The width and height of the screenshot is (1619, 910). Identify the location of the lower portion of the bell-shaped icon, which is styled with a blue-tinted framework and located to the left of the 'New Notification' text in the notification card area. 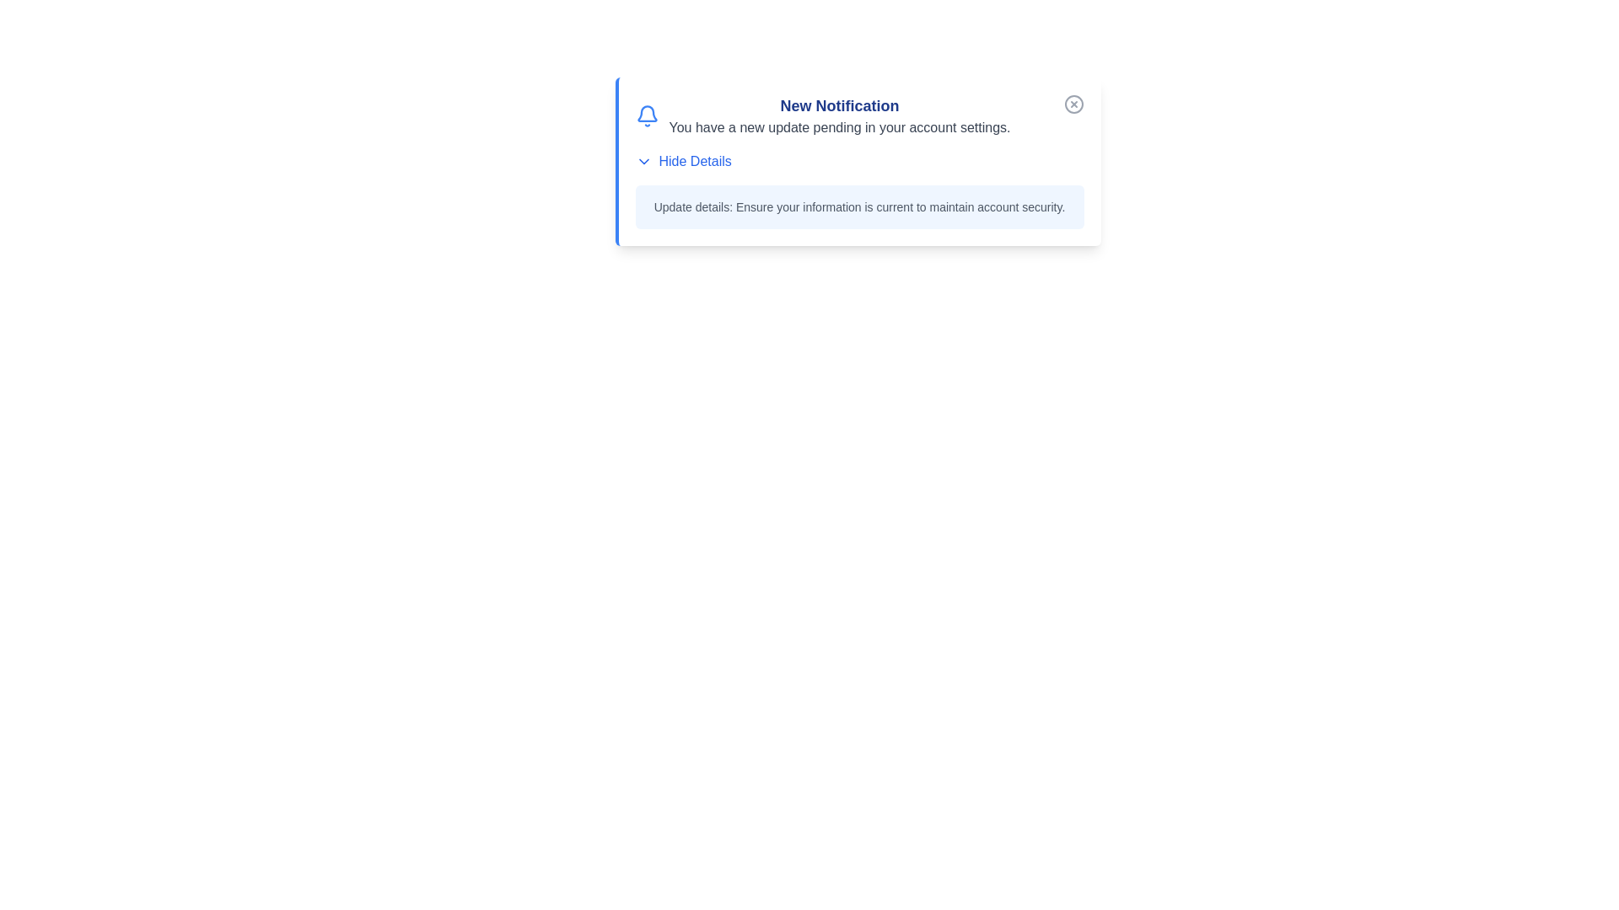
(646, 114).